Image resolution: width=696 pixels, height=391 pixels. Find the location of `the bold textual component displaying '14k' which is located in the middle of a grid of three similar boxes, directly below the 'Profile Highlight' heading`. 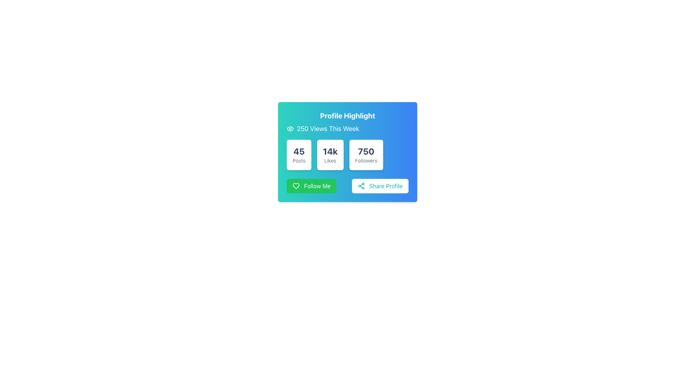

the bold textual component displaying '14k' which is located in the middle of a grid of three similar boxes, directly below the 'Profile Highlight' heading is located at coordinates (330, 151).